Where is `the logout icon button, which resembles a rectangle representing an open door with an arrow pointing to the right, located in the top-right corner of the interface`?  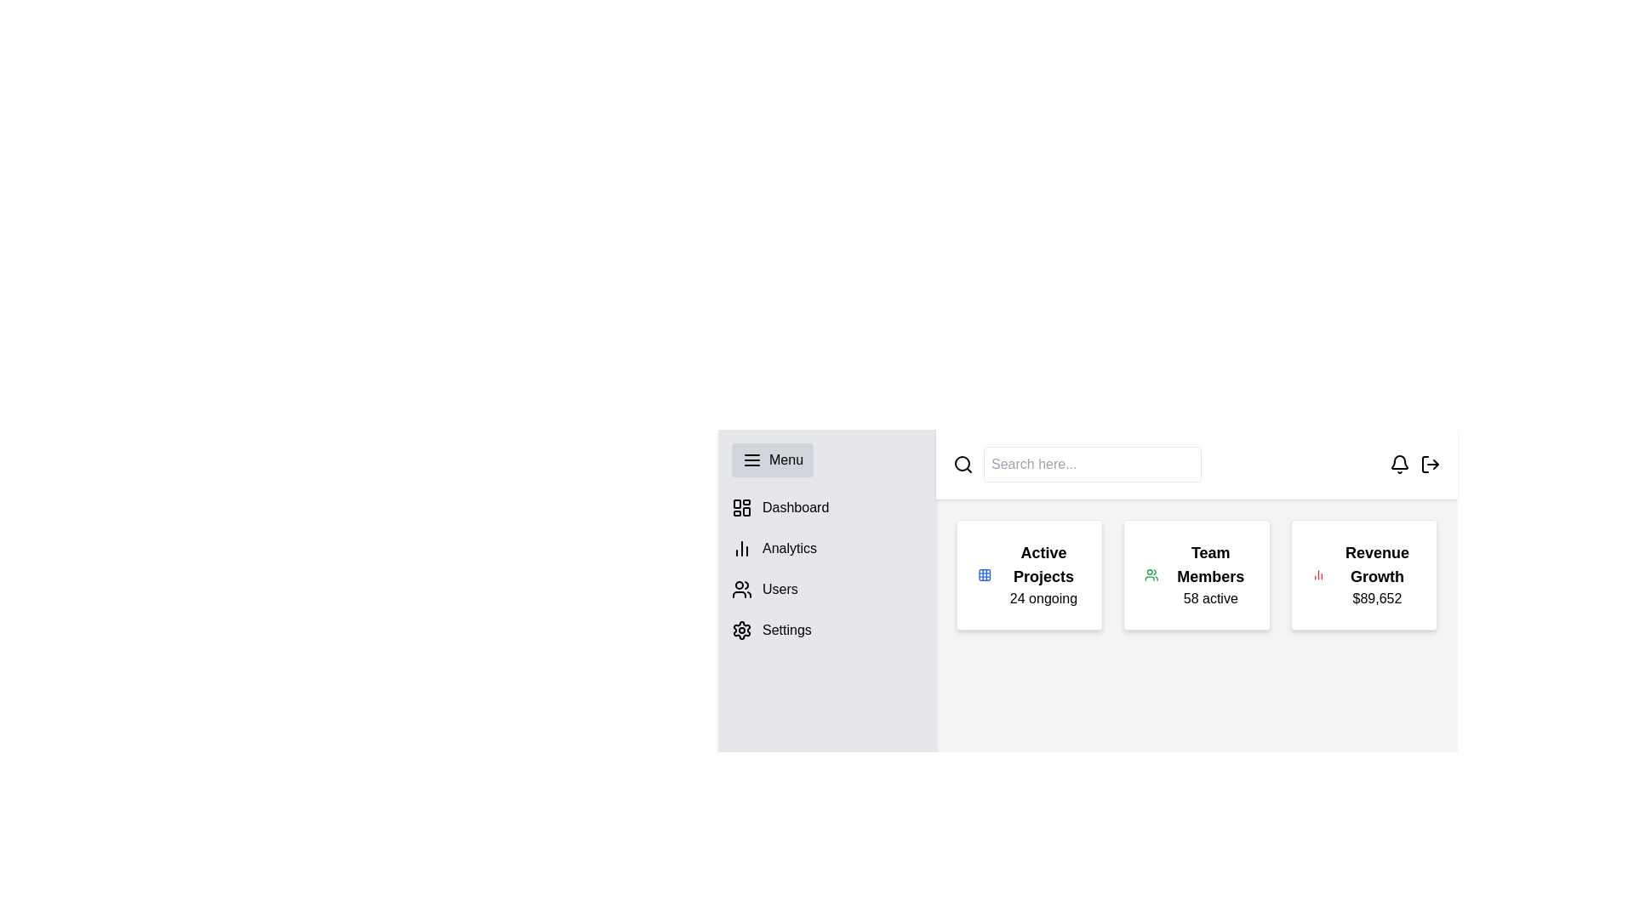
the logout icon button, which resembles a rectangle representing an open door with an arrow pointing to the right, located in the top-right corner of the interface is located at coordinates (1430, 465).